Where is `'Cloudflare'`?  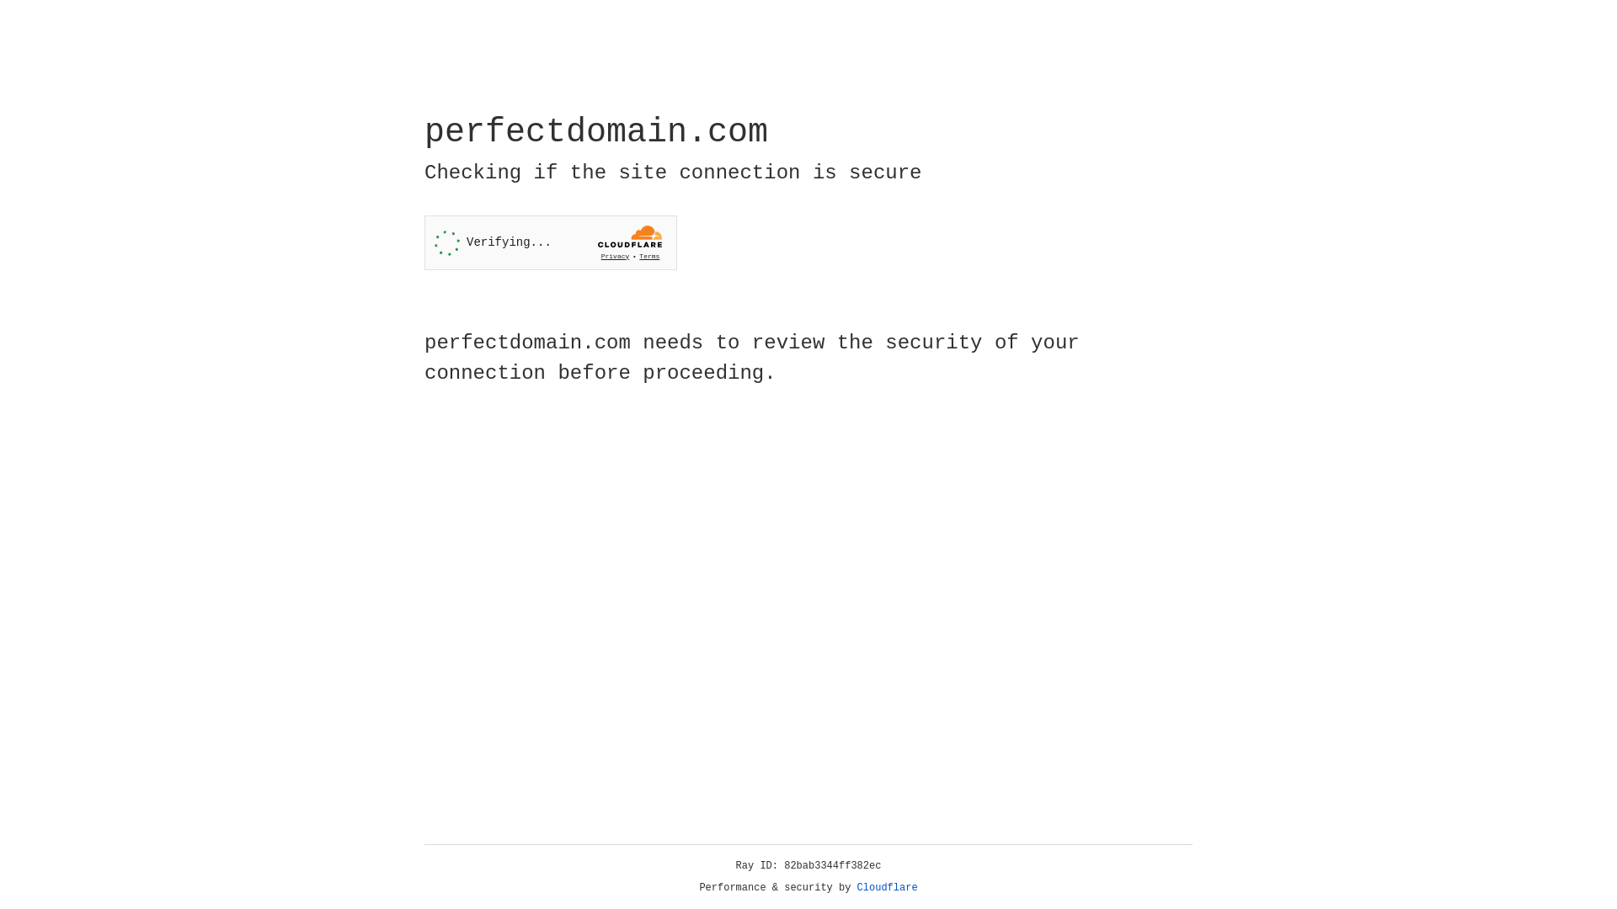
'Cloudflare' is located at coordinates (887, 887).